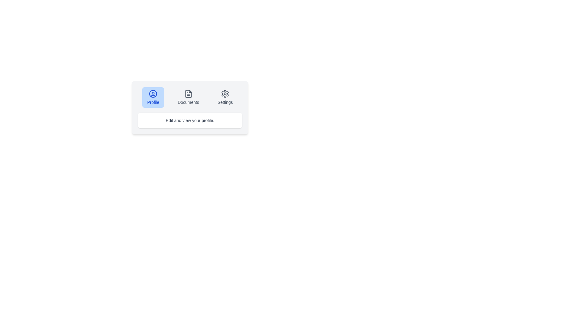 The image size is (581, 327). What do you see at coordinates (225, 94) in the screenshot?
I see `the 'Settings' icon located centrally among the graphical labels at the bottom of the main interface` at bounding box center [225, 94].